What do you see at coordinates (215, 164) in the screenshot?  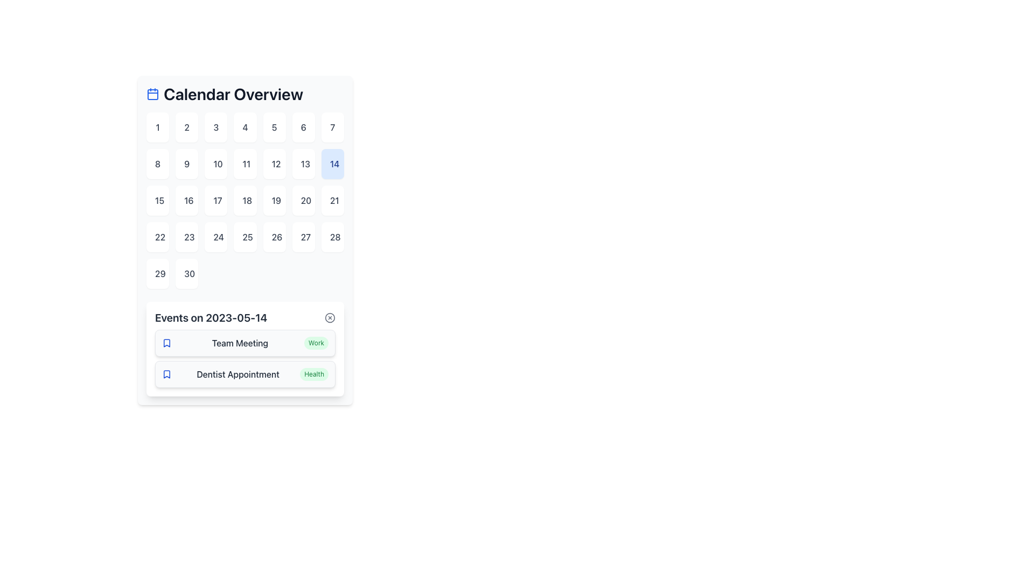 I see `the rectangular button displaying the text '10' in the calendar interface` at bounding box center [215, 164].